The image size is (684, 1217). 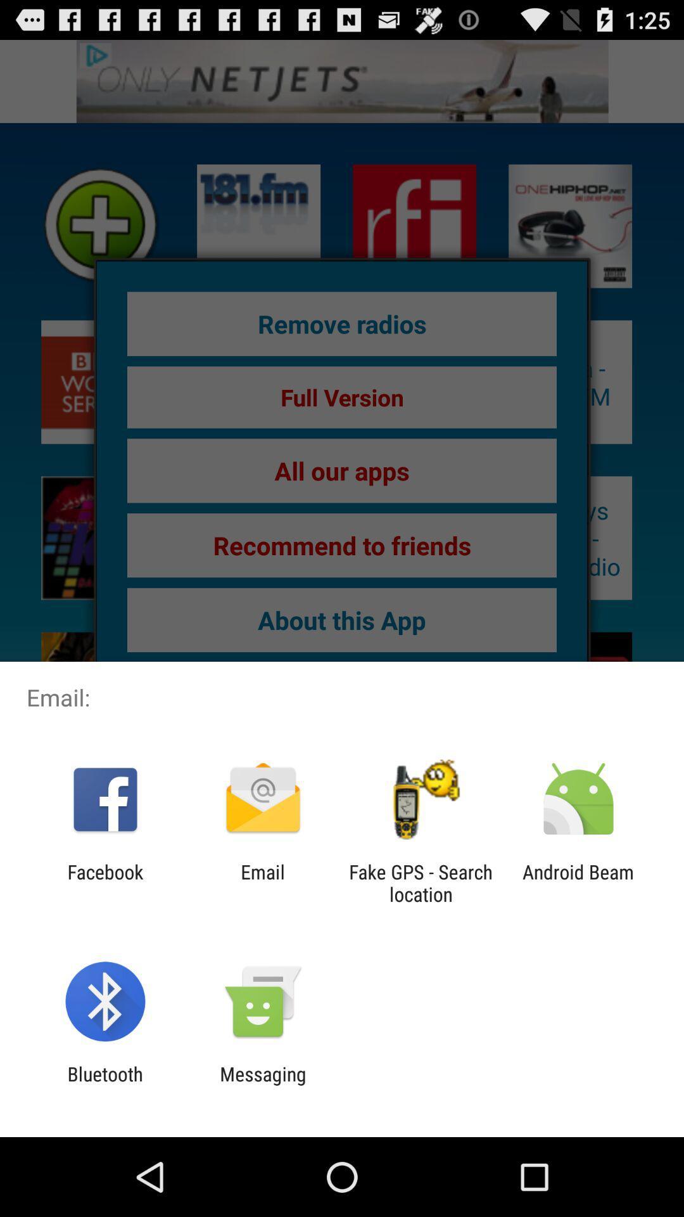 What do you see at coordinates (262, 1085) in the screenshot?
I see `item next to the bluetooth icon` at bounding box center [262, 1085].